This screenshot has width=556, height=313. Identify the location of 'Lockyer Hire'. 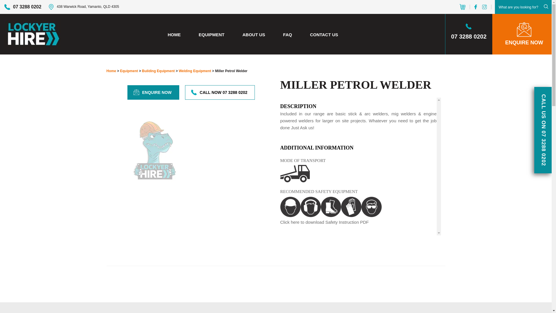
(32, 34).